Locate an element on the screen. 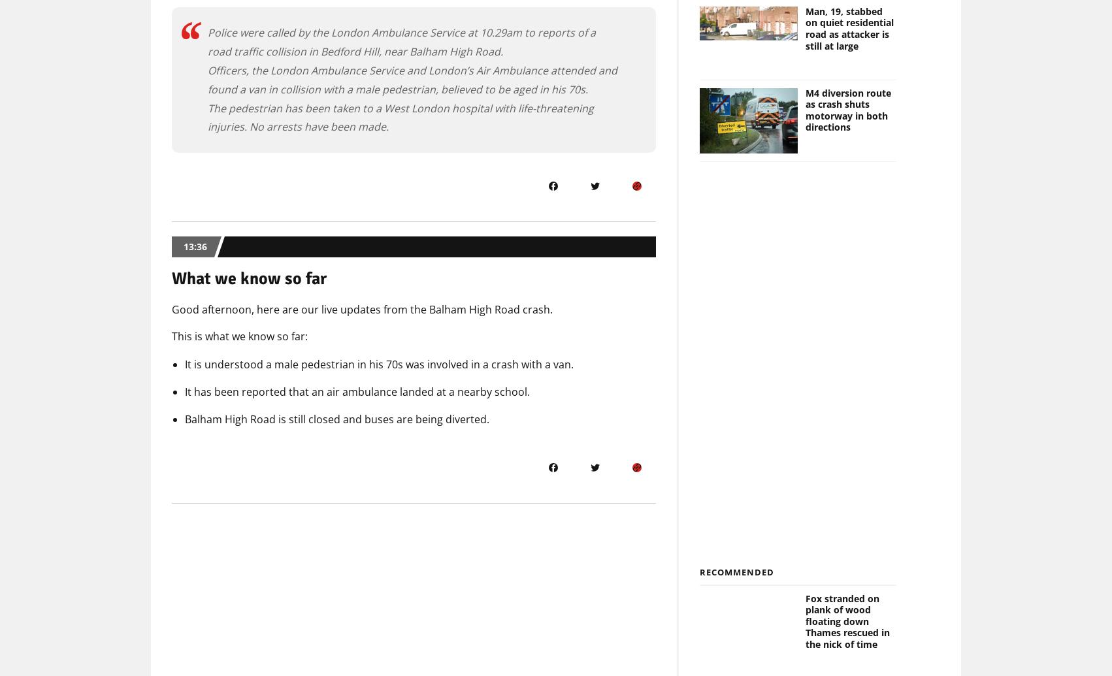 The width and height of the screenshot is (1112, 676). 'It has been reported that an air ambulance landed at a nearby school.' is located at coordinates (357, 390).